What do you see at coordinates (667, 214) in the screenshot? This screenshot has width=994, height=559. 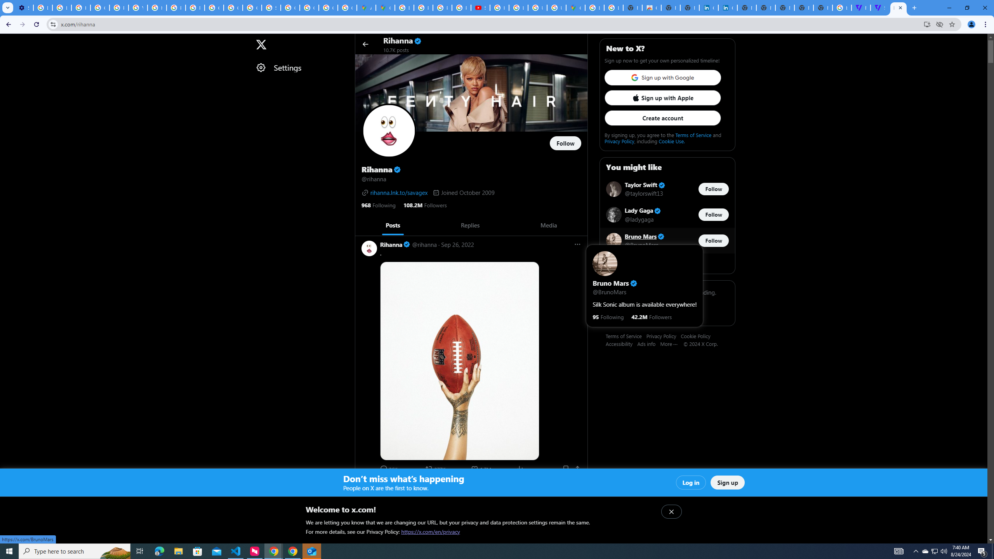 I see `'Lady Gaga Verified account @ladygaga Follow @ladygaga'` at bounding box center [667, 214].